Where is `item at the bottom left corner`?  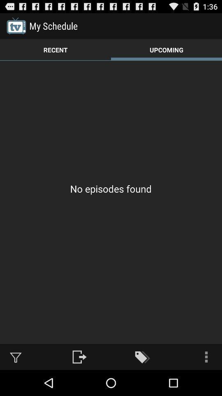
item at the bottom left corner is located at coordinates (16, 356).